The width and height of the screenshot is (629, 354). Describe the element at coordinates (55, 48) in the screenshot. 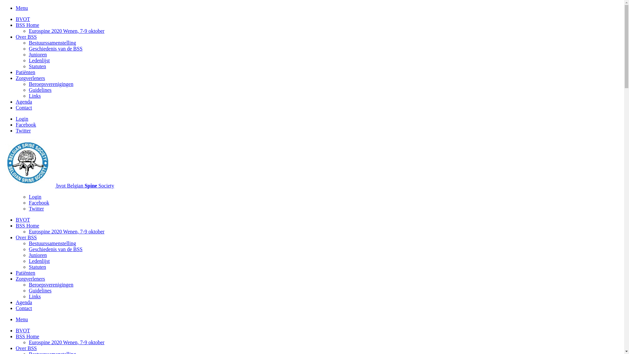

I see `'Geschiedenis van de BSS'` at that location.